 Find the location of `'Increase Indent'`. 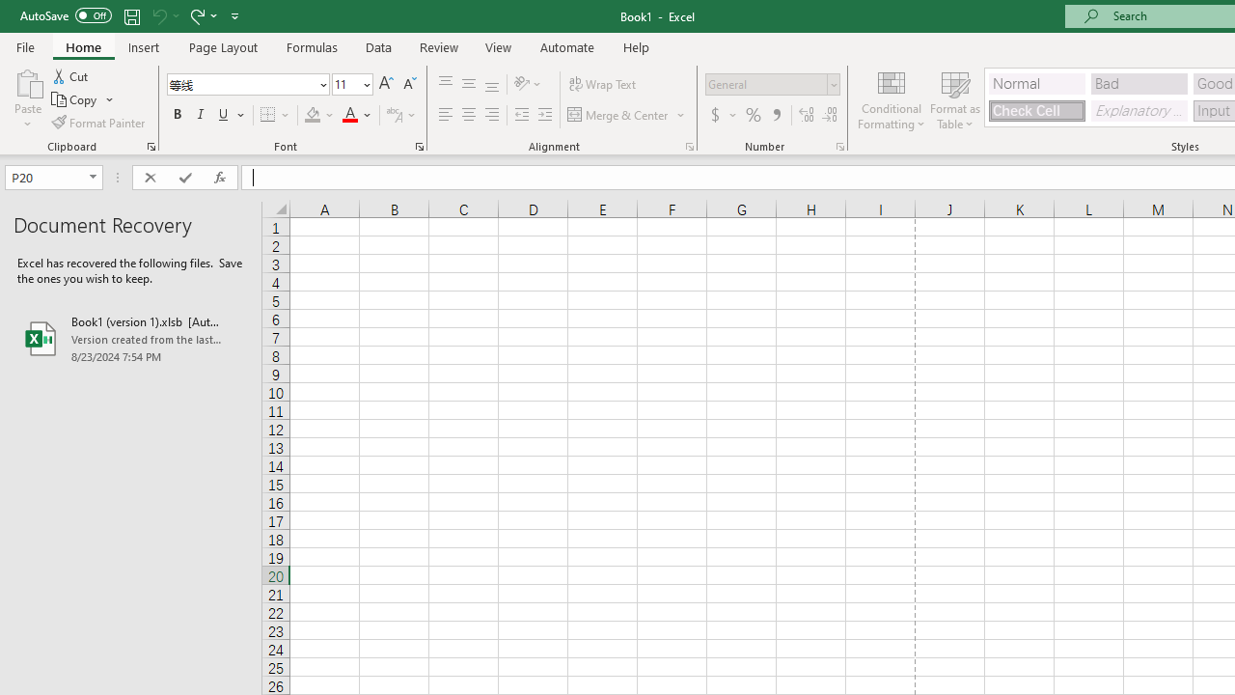

'Increase Indent' is located at coordinates (544, 115).